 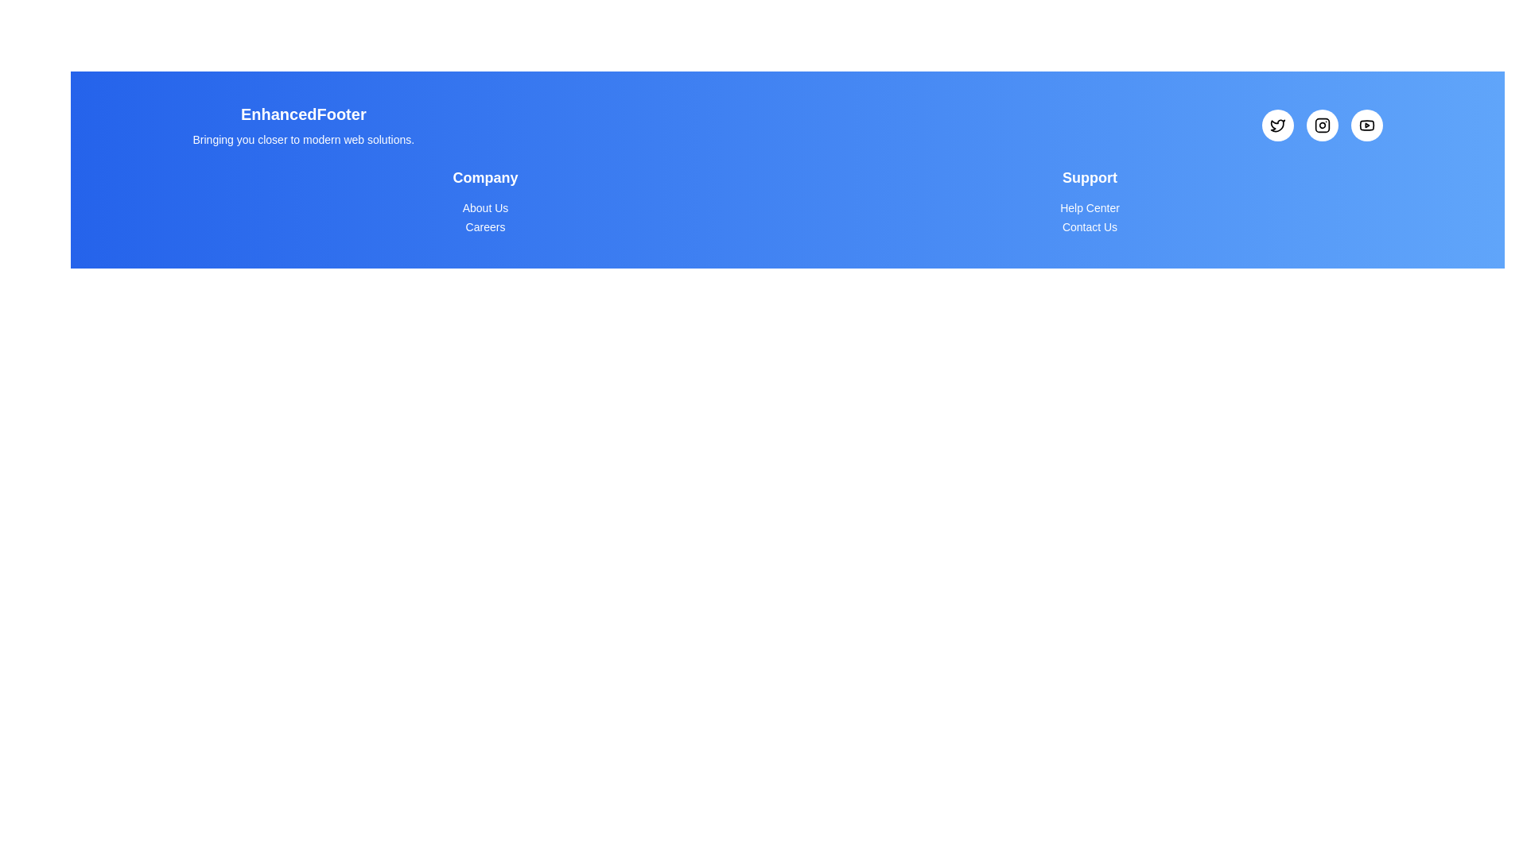 I want to click on the Text Label that serves as the header or title in the top left section of the blue footer area, so click(x=303, y=113).